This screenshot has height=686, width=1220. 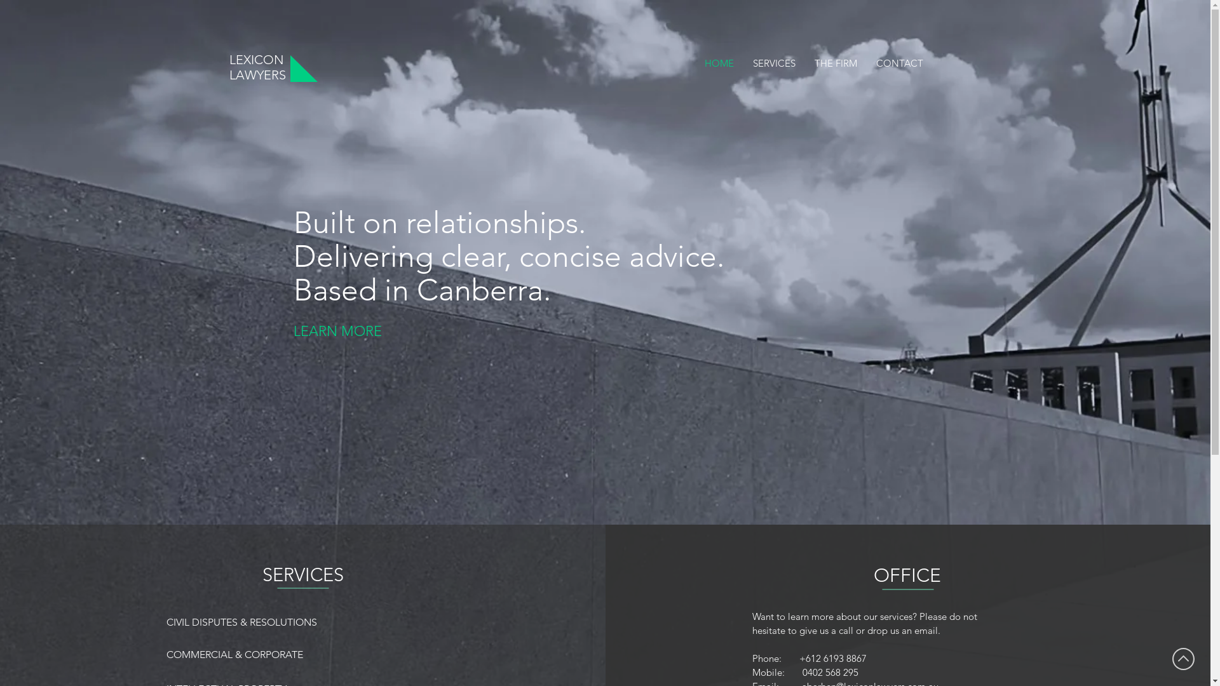 I want to click on 'COMMERCIAL & CORPORATE', so click(x=234, y=654).